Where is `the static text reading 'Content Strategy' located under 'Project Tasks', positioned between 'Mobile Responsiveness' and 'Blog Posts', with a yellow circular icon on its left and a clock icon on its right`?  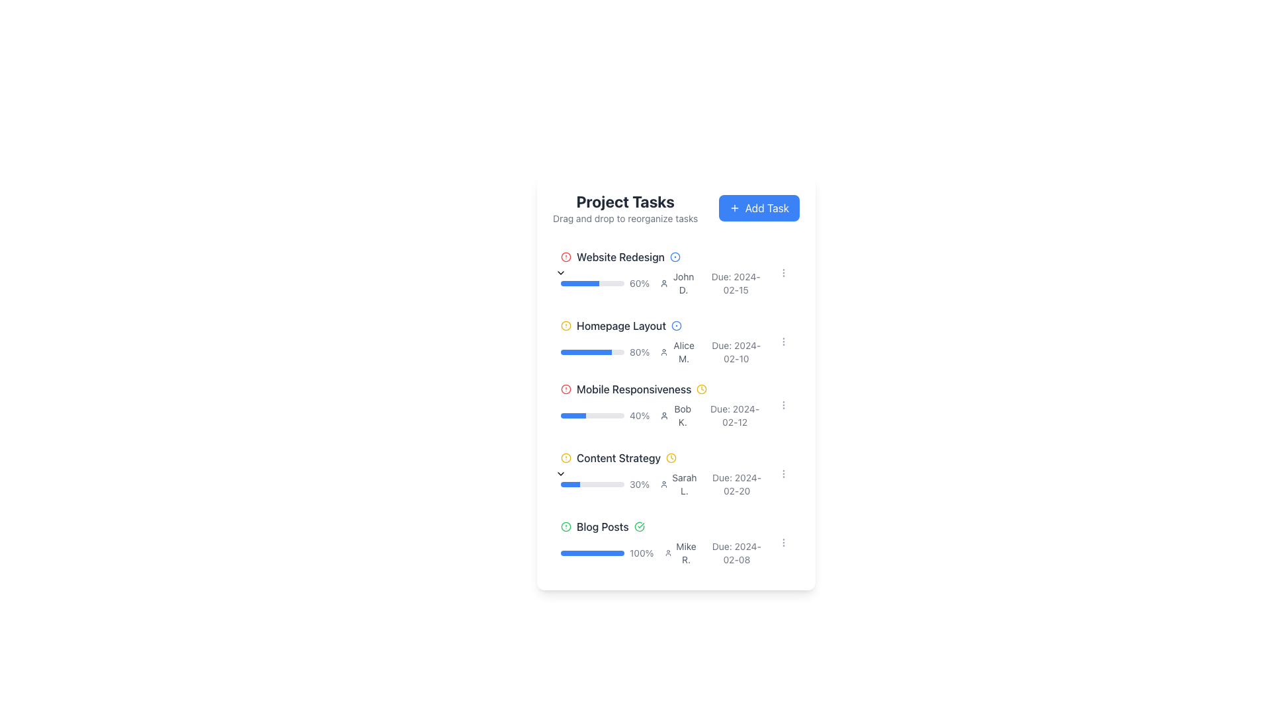 the static text reading 'Content Strategy' located under 'Project Tasks', positioned between 'Mobile Responsiveness' and 'Blog Posts', with a yellow circular icon on its left and a clock icon on its right is located at coordinates (618, 457).